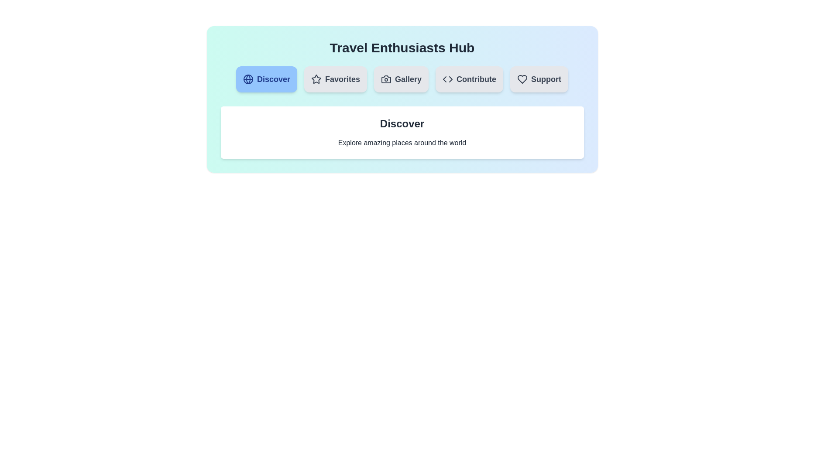  I want to click on the 'Contribute' button, so click(469, 79).